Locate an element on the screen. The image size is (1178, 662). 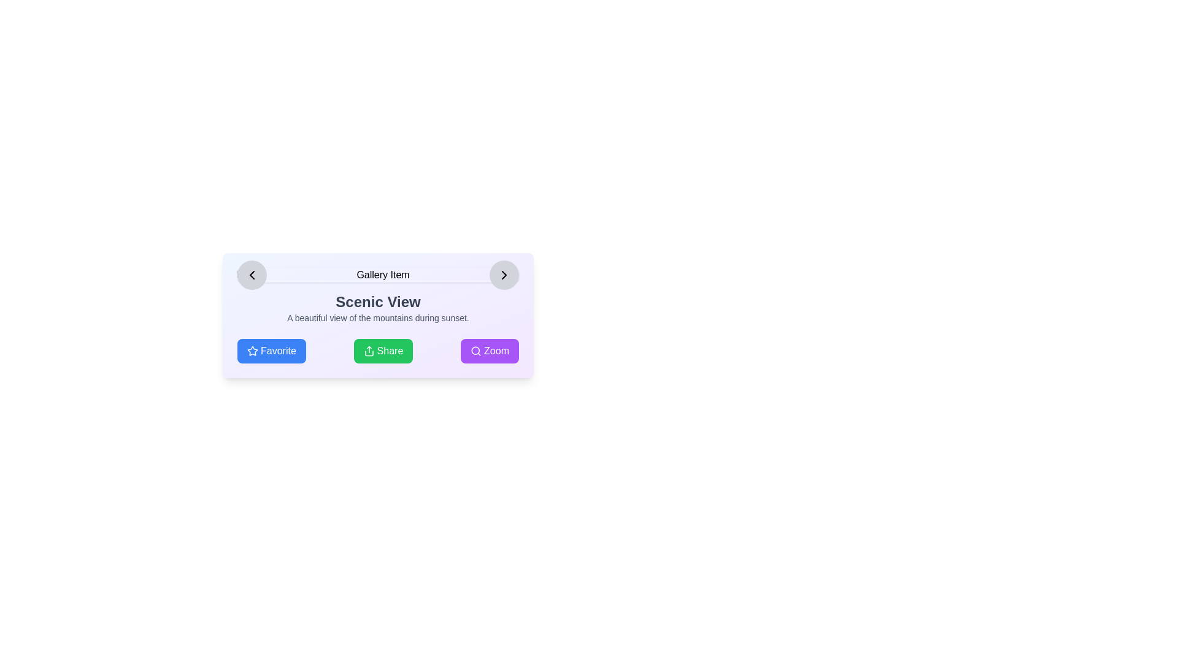
the descriptive text element located below the title 'Scenic View' and above the buttons 'Favorite', 'Share', and 'Zoom' is located at coordinates (377, 318).